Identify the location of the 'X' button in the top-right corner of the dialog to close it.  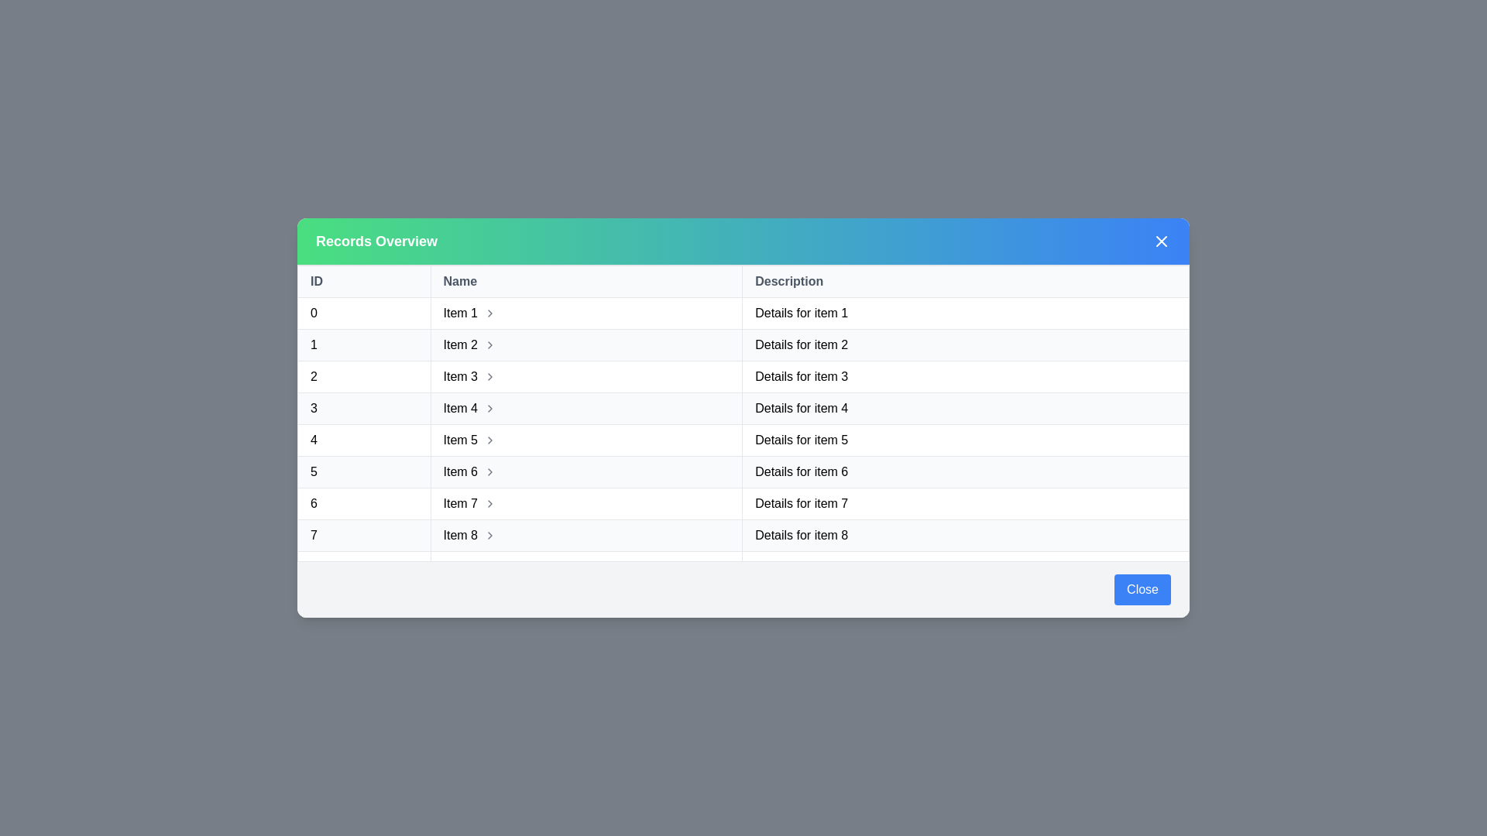
(1161, 242).